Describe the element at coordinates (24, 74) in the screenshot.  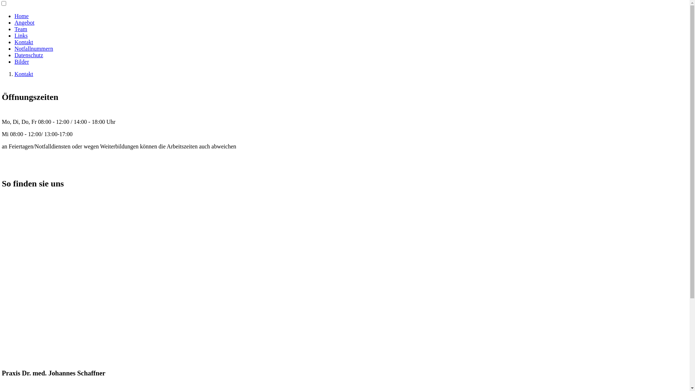
I see `'Kontakt'` at that location.